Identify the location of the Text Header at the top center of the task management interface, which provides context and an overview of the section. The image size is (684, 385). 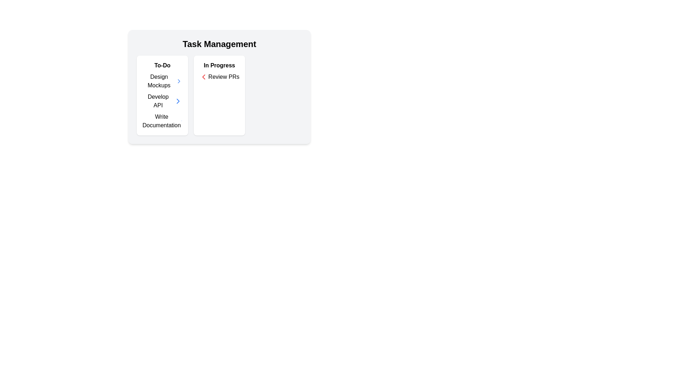
(219, 44).